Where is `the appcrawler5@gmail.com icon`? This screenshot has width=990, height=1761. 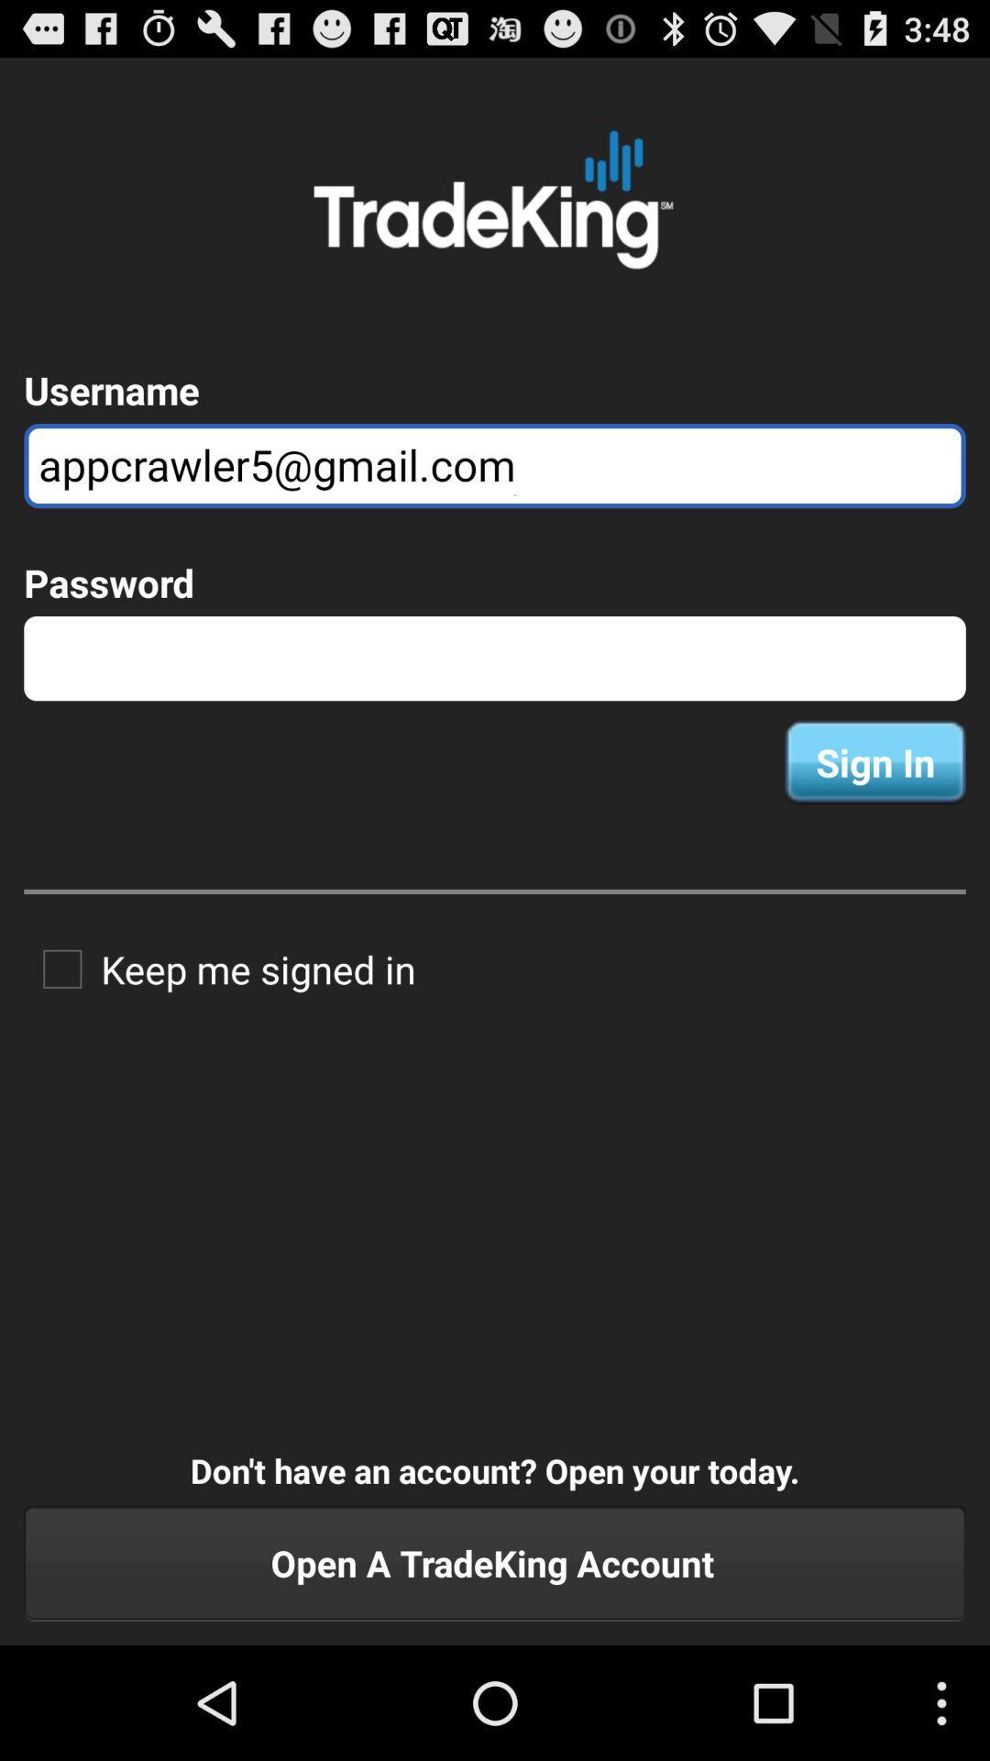 the appcrawler5@gmail.com icon is located at coordinates (495, 466).